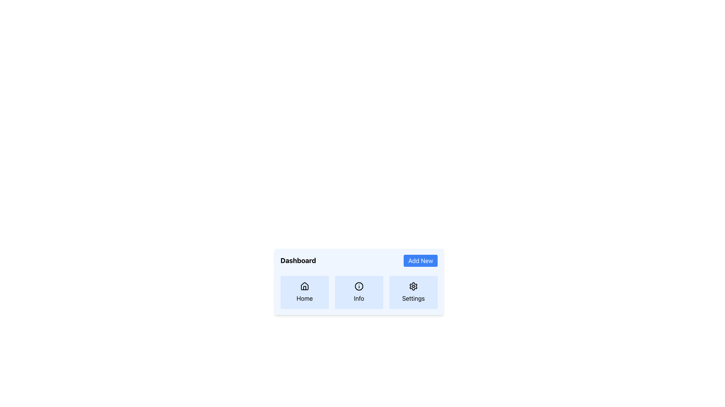 This screenshot has width=725, height=407. I want to click on the gear icon representing settings, which is part of the 'Settings' card located in the bottom section of the interface, so click(413, 286).